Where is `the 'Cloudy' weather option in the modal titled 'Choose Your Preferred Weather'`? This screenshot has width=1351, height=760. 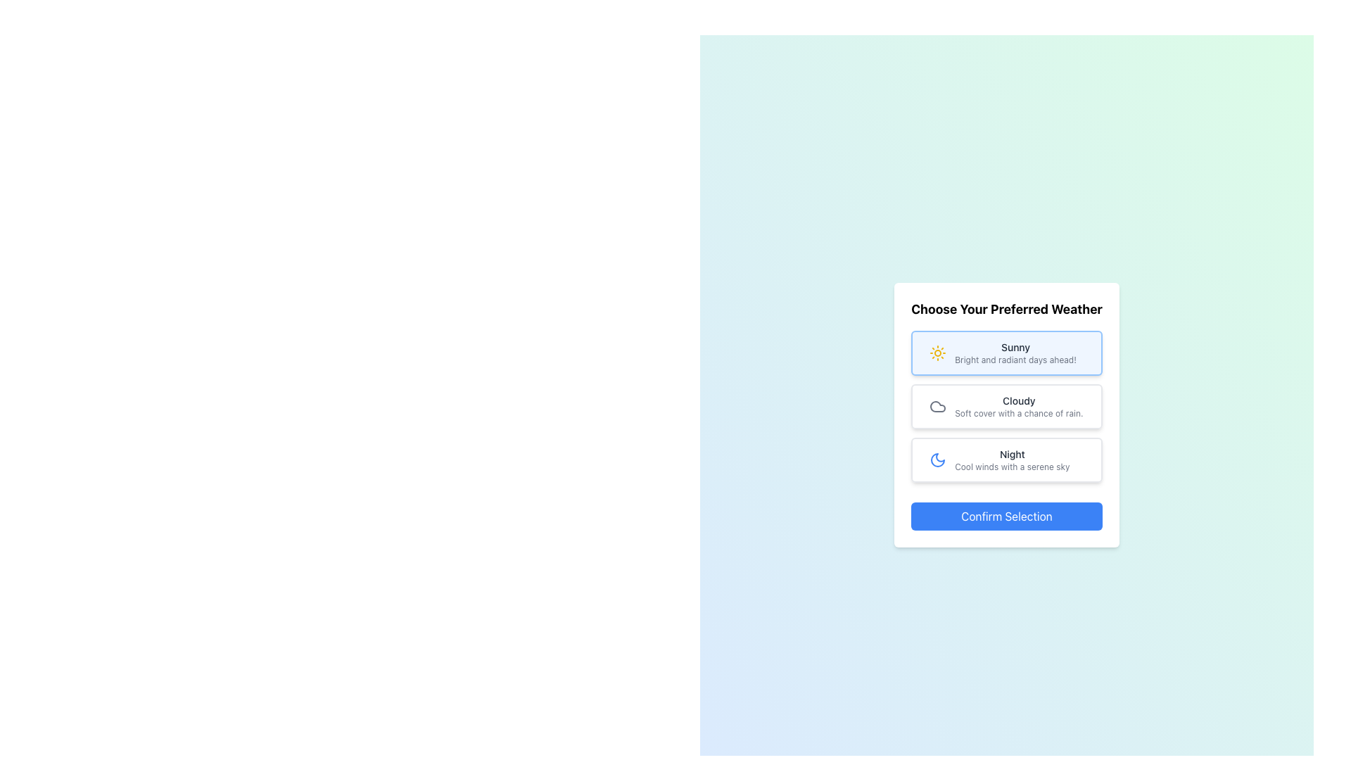
the 'Cloudy' weather option in the modal titled 'Choose Your Preferred Weather' is located at coordinates (1006, 407).